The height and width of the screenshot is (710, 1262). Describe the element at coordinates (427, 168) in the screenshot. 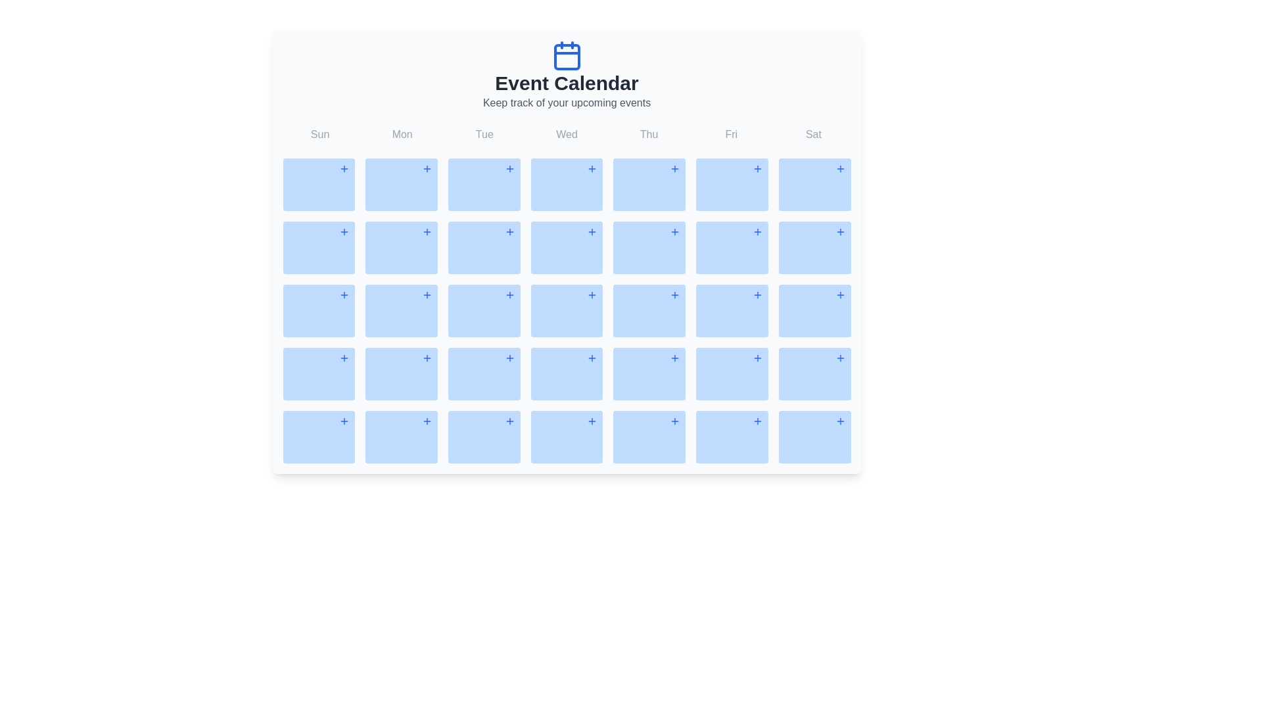

I see `the blue '+' icon button located at the top-right corner of the Monday card in the calendar grid` at that location.